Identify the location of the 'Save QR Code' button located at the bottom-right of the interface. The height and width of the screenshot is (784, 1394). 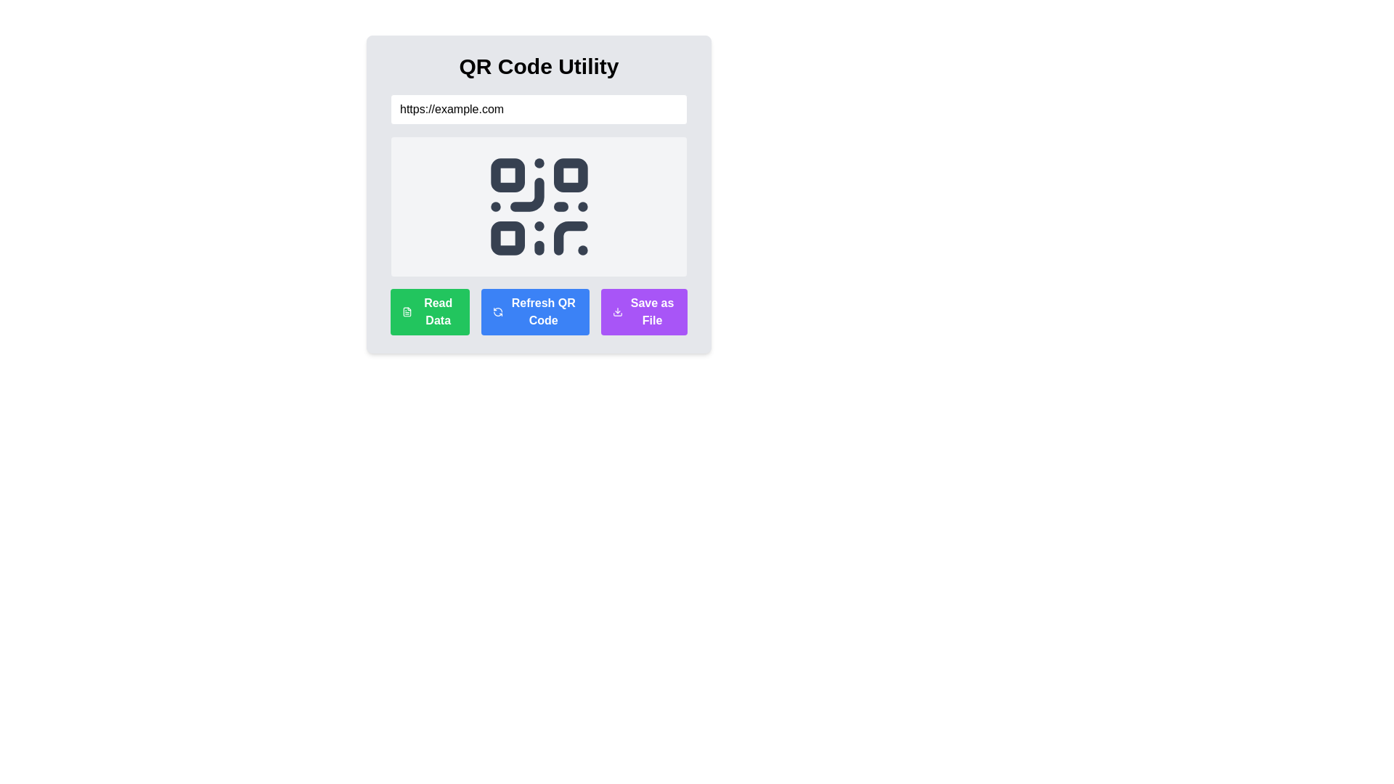
(643, 311).